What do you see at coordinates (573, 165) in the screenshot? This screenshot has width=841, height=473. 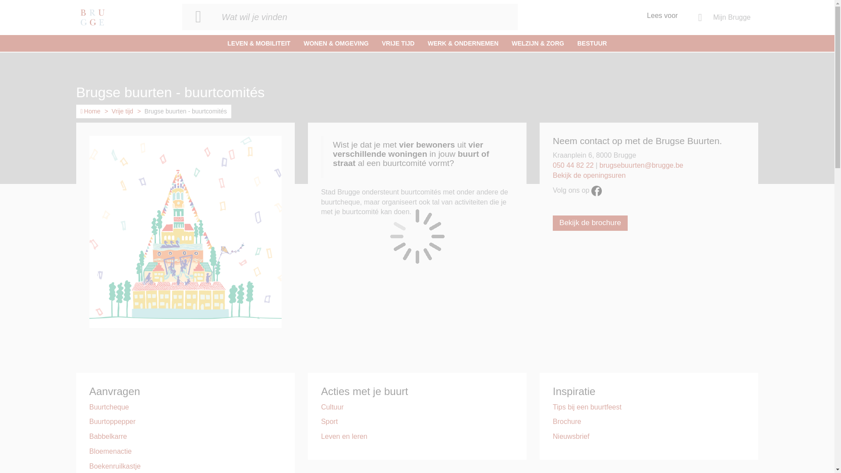 I see `'050 44 82 22'` at bounding box center [573, 165].